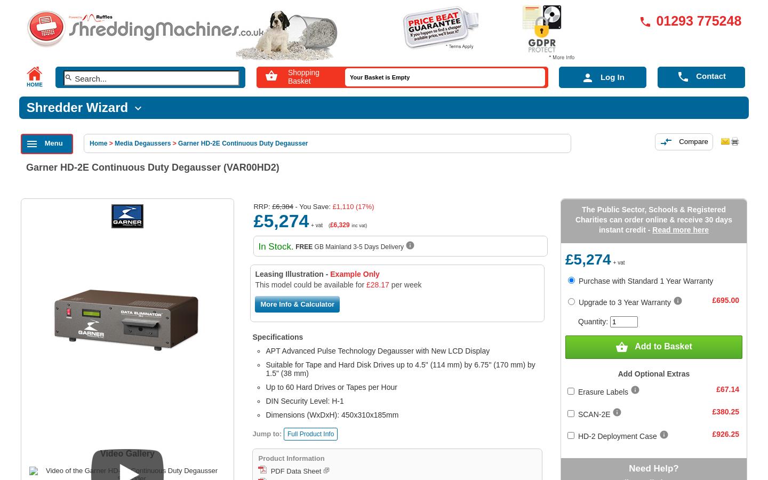 The height and width of the screenshot is (480, 768). Describe the element at coordinates (628, 468) in the screenshot. I see `'Need Help?'` at that location.